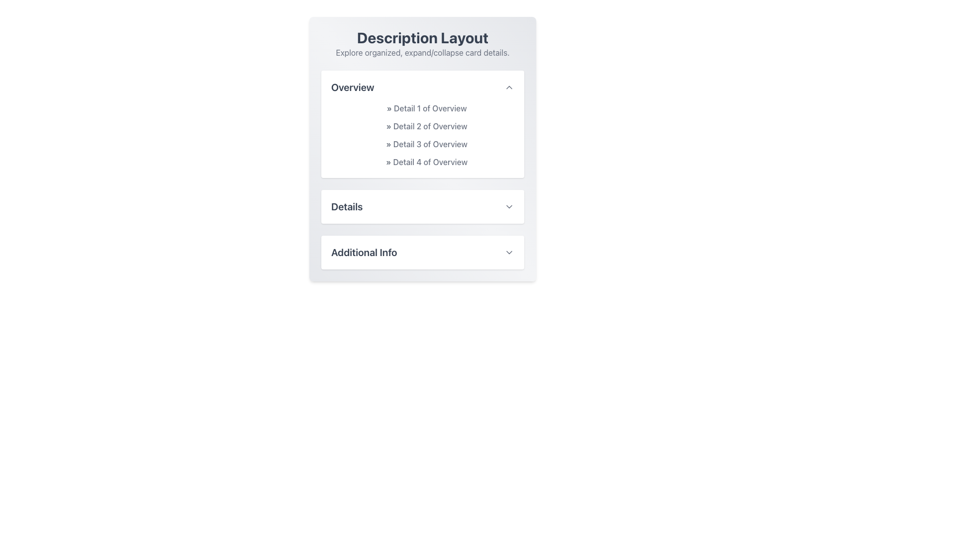  I want to click on the Collapsible section located directly below the title 'Description Layout', so click(422, 170).